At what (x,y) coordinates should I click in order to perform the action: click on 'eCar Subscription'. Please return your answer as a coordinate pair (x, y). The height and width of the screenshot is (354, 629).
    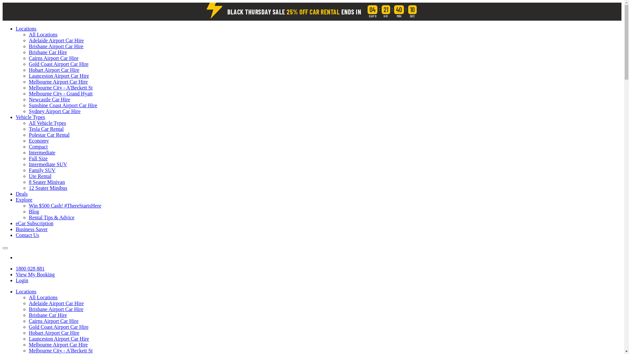
    Looking at the image, I should click on (34, 223).